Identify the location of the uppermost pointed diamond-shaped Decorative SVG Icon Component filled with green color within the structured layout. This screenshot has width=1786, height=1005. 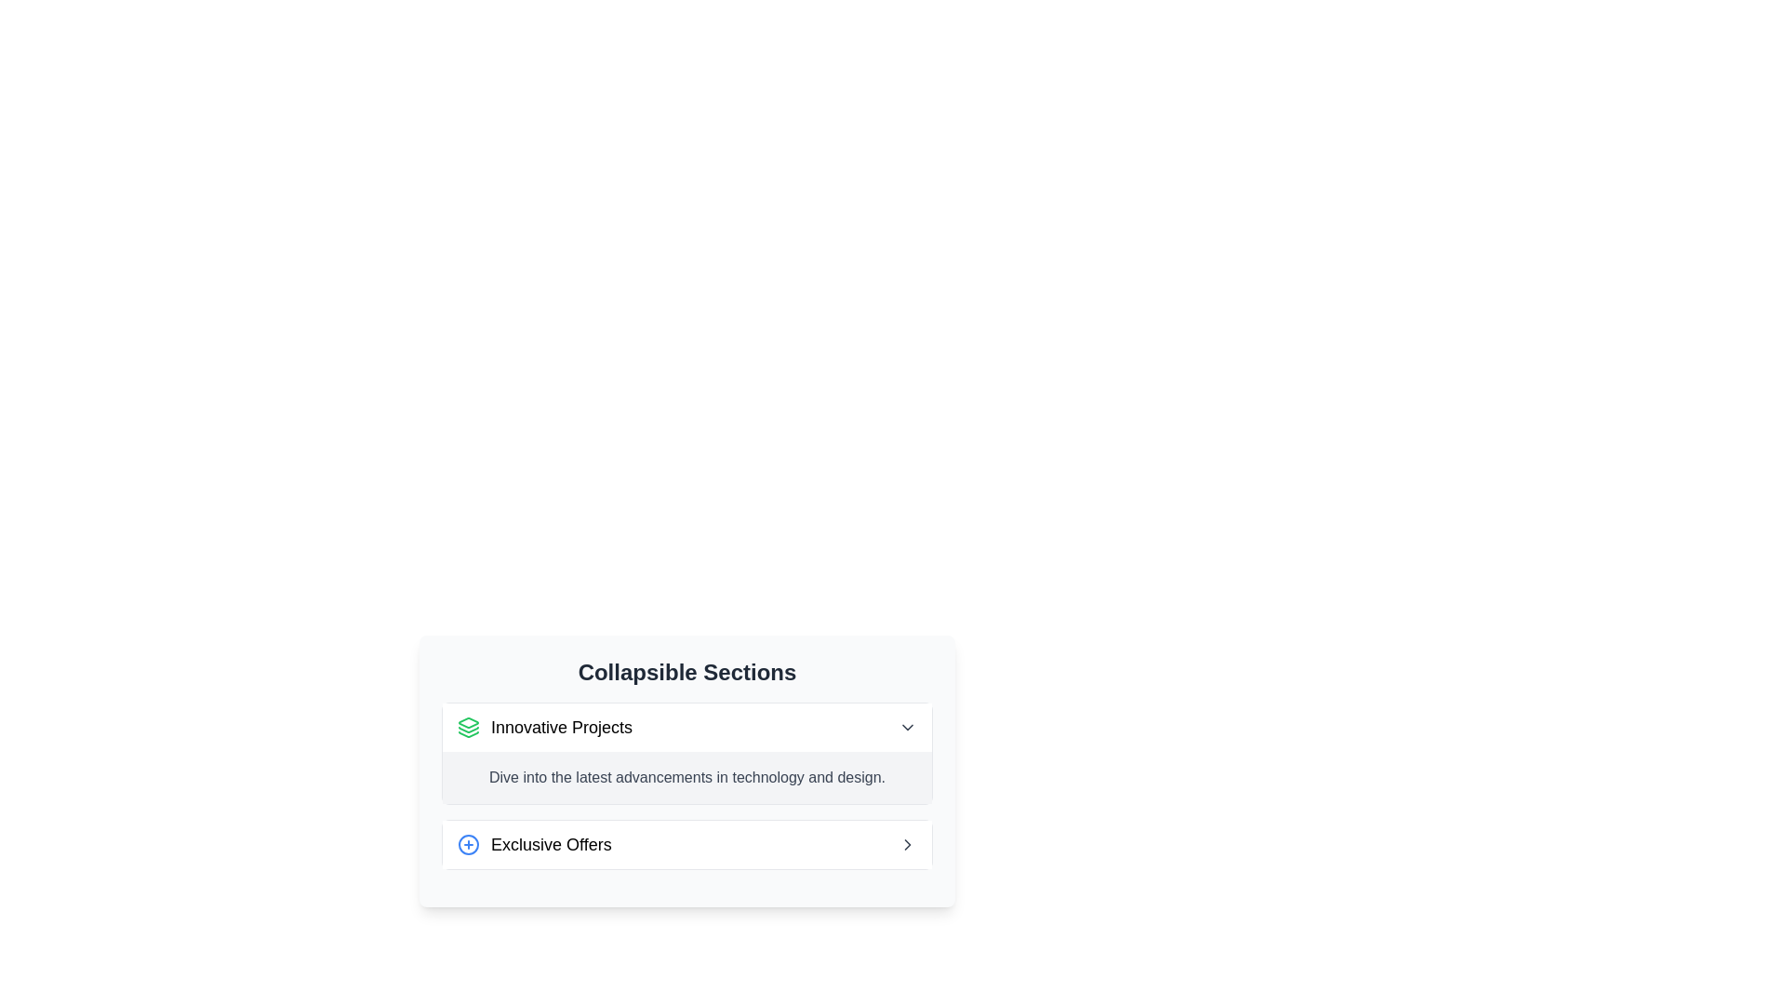
(469, 721).